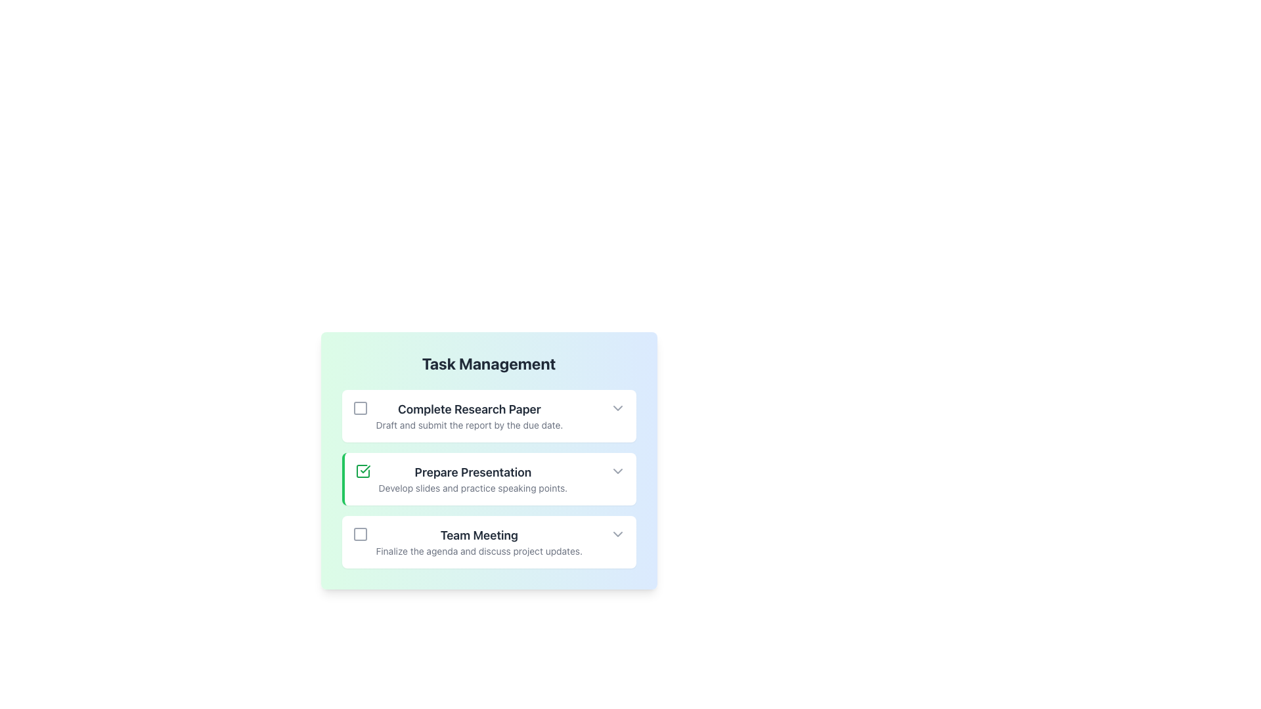  Describe the element at coordinates (363, 470) in the screenshot. I see `the checkbox located to the left of the 'Prepare Presentation' task title` at that location.